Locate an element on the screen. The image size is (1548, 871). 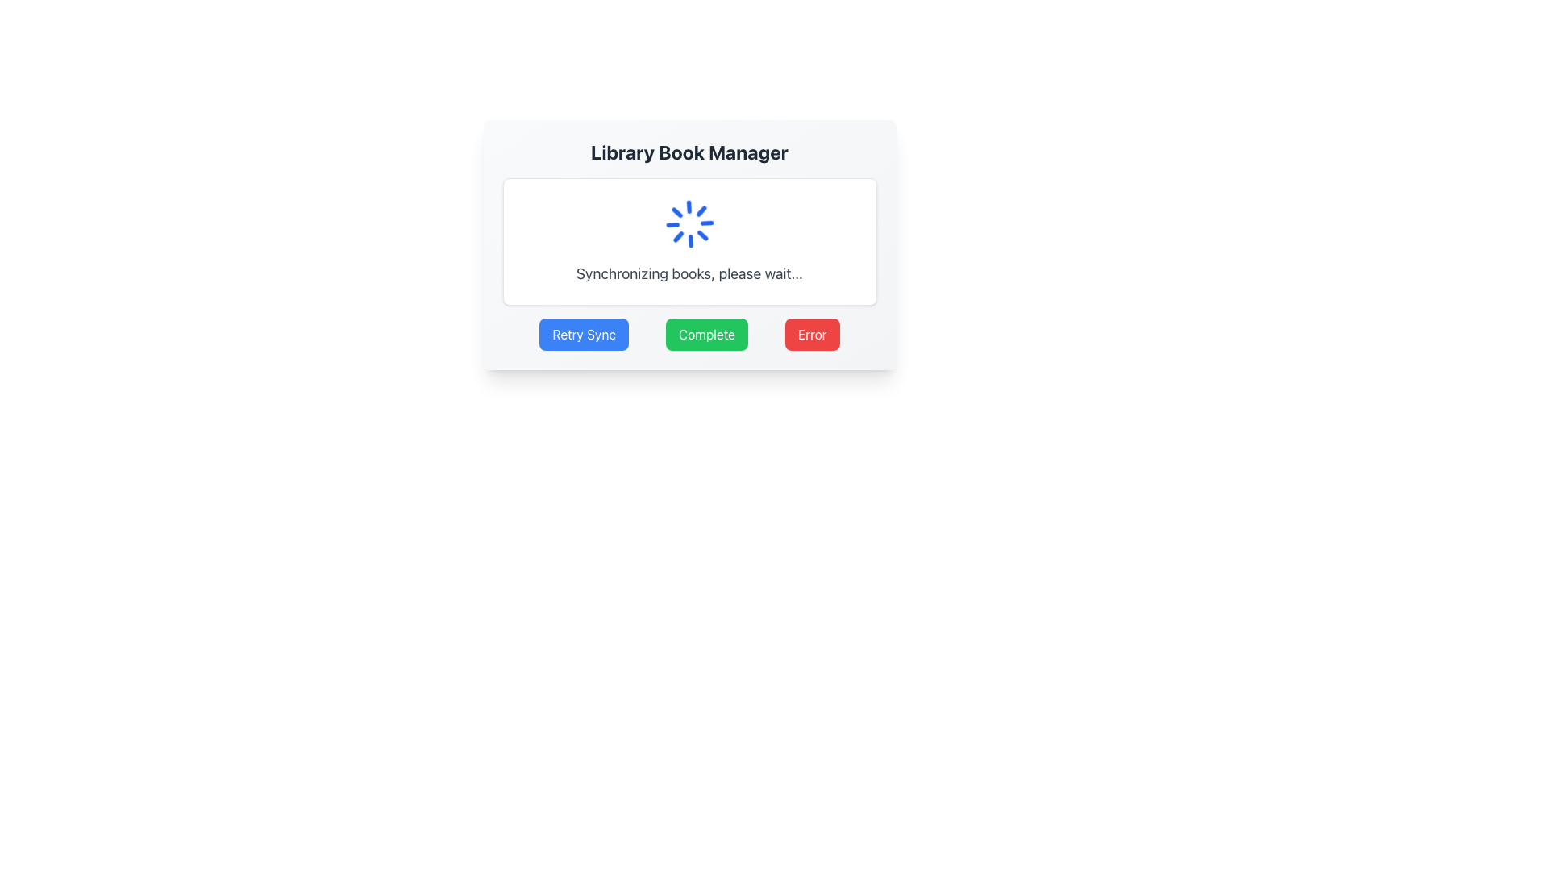
the red 'Error' button located at the bottom-right corner of the main panel is located at coordinates (812, 334).